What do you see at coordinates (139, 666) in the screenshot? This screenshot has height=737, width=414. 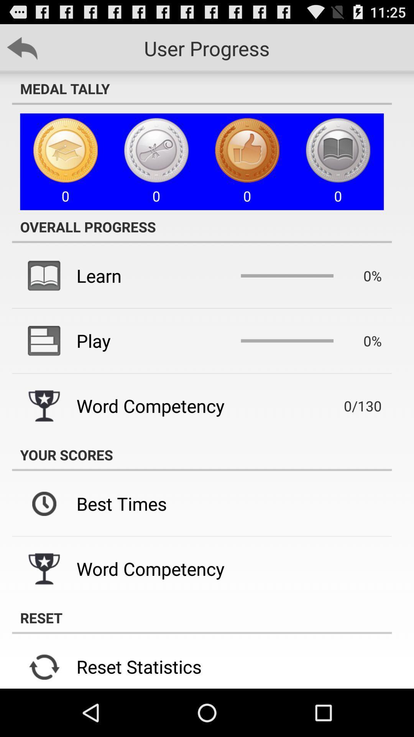 I see `reset statistics item` at bounding box center [139, 666].